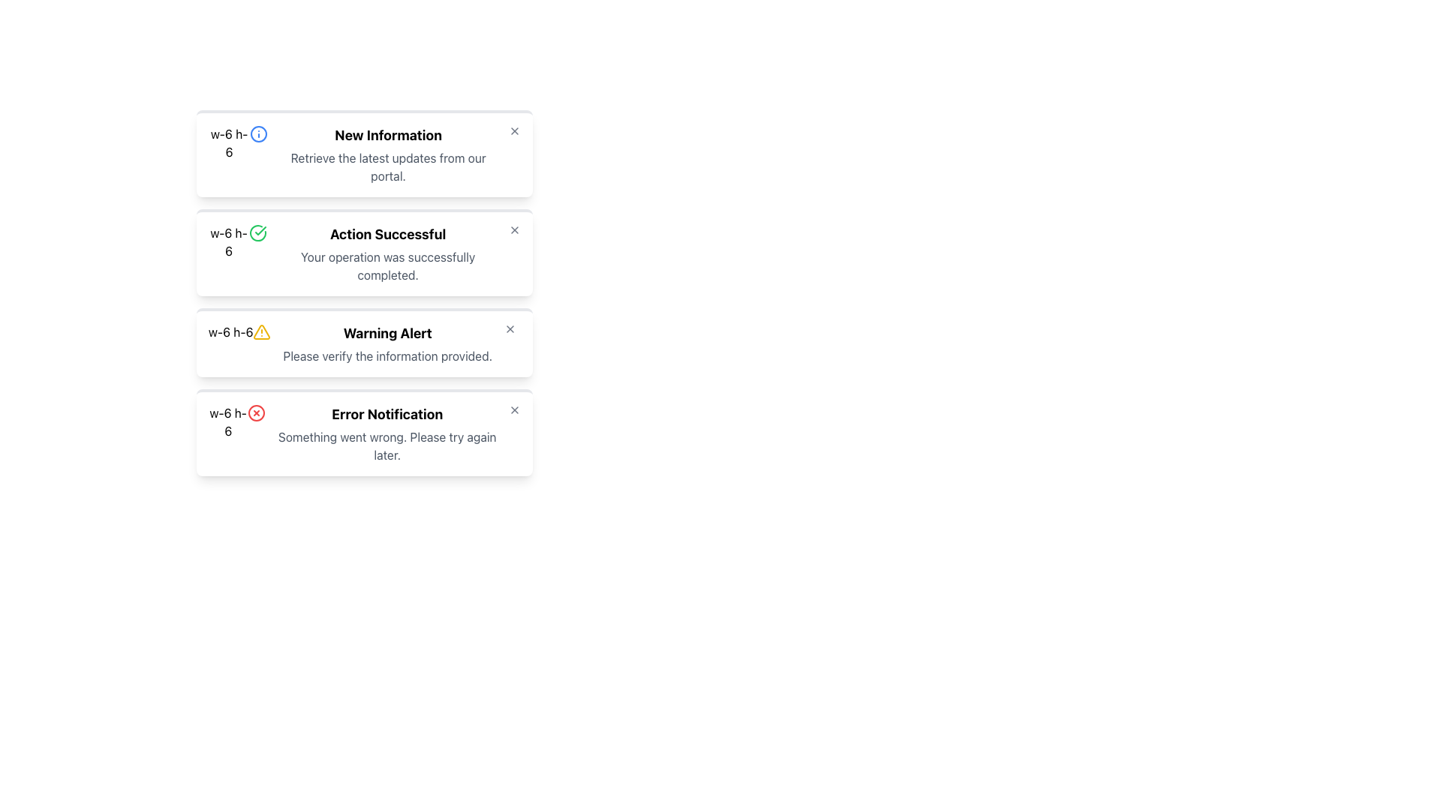 This screenshot has width=1441, height=810. I want to click on error message from the notification box titled 'Error Notification' which states 'Something went wrong. Please try again later.', so click(387, 433).